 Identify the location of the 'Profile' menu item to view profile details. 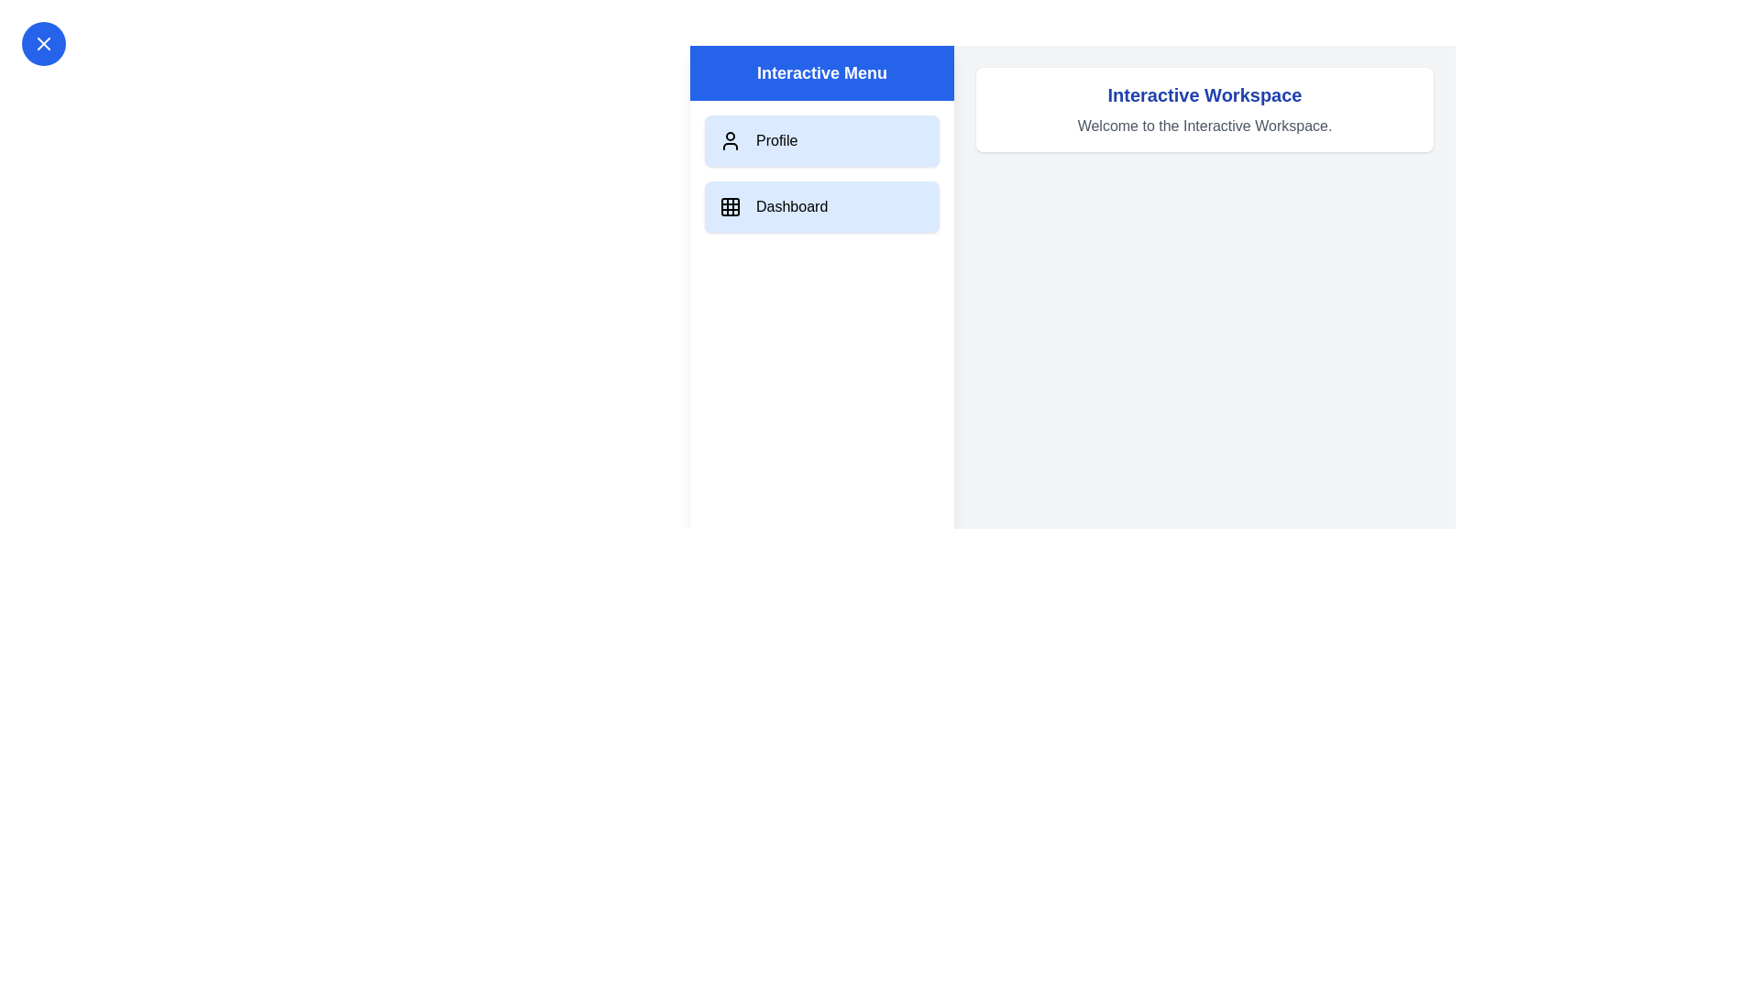
(821, 140).